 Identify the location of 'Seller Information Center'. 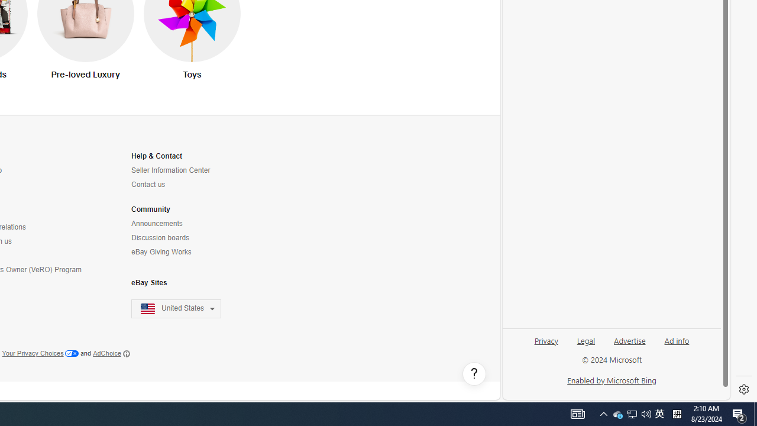
(170, 170).